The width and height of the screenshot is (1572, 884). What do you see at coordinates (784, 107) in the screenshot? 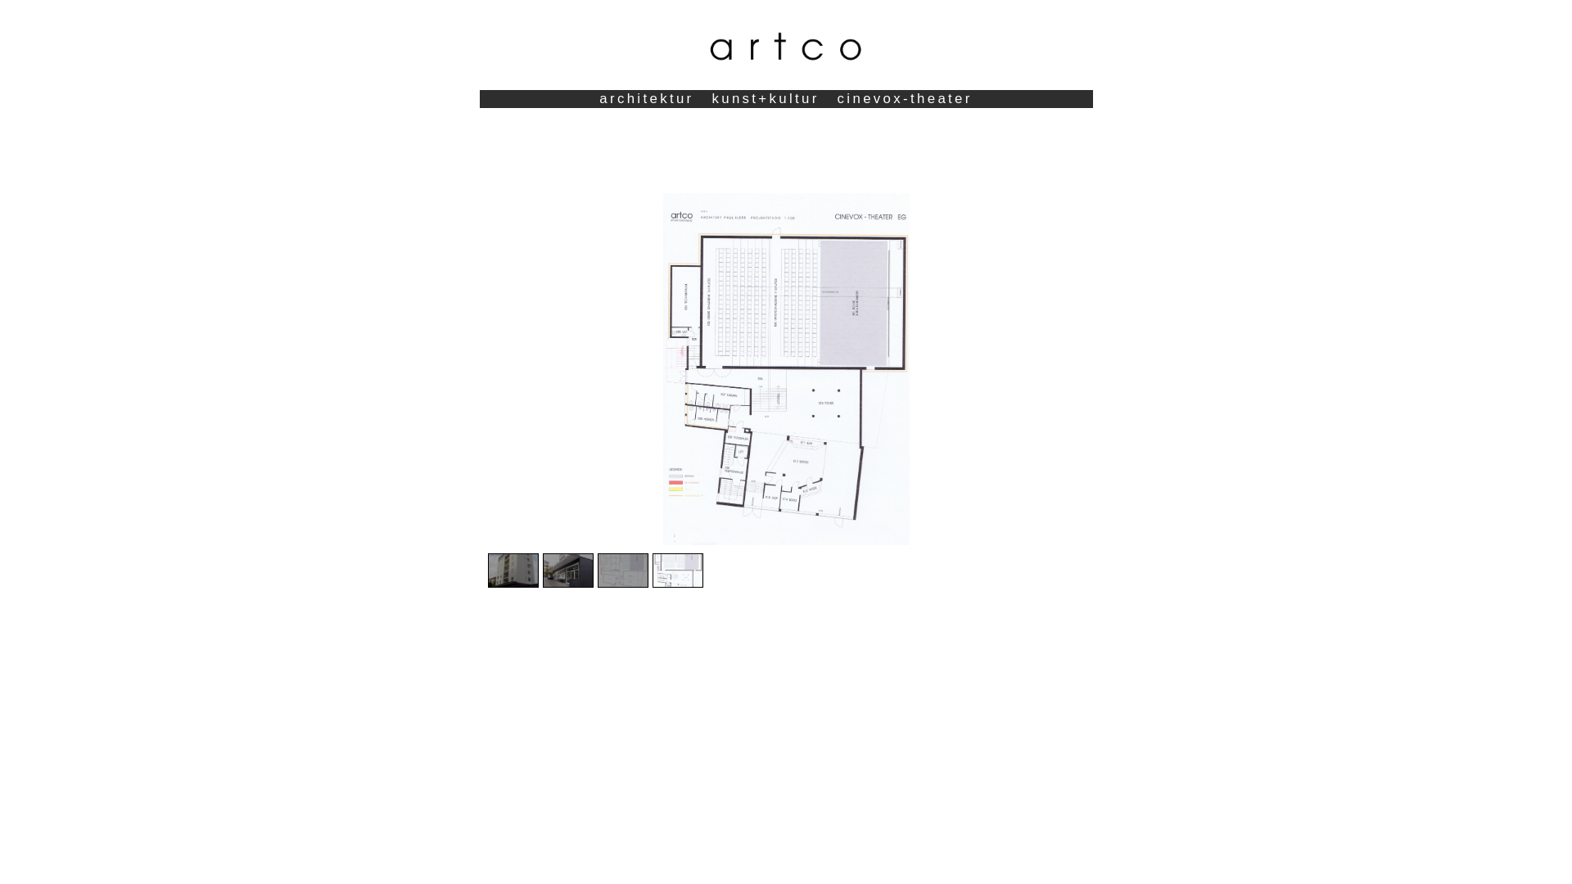
I see `' '` at bounding box center [784, 107].